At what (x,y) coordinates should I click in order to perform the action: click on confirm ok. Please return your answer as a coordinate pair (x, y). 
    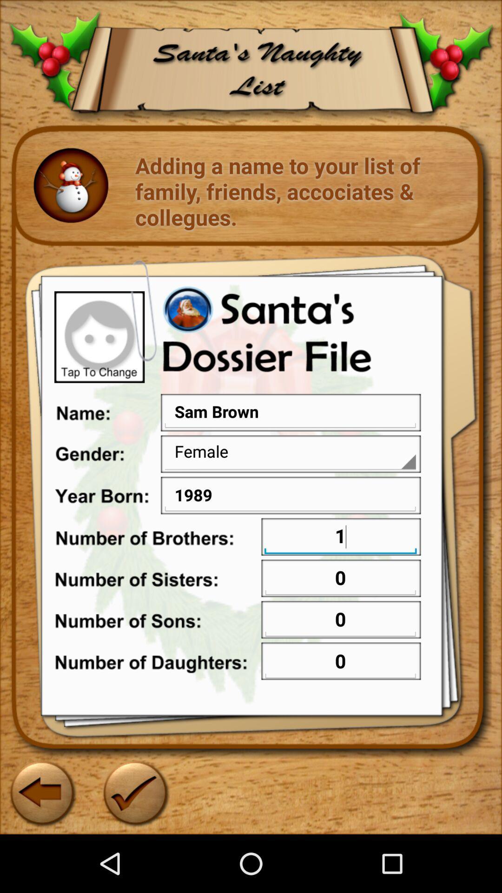
    Looking at the image, I should click on (134, 792).